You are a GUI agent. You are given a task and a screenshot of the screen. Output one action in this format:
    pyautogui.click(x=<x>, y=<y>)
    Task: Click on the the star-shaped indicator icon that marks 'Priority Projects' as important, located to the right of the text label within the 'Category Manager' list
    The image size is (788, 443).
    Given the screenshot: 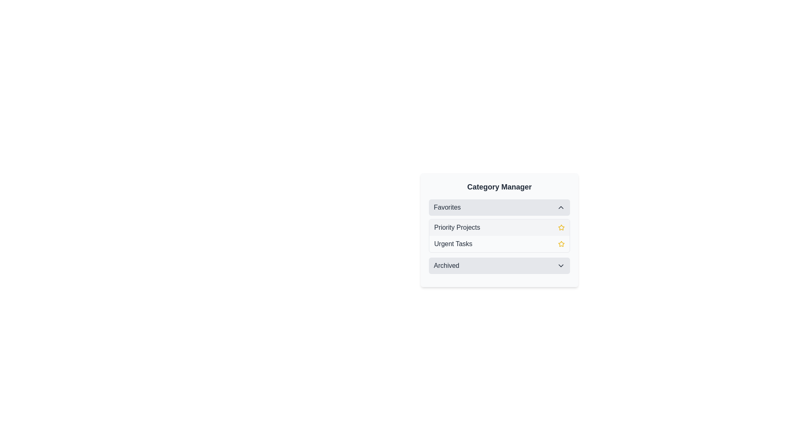 What is the action you would take?
    pyautogui.click(x=561, y=228)
    